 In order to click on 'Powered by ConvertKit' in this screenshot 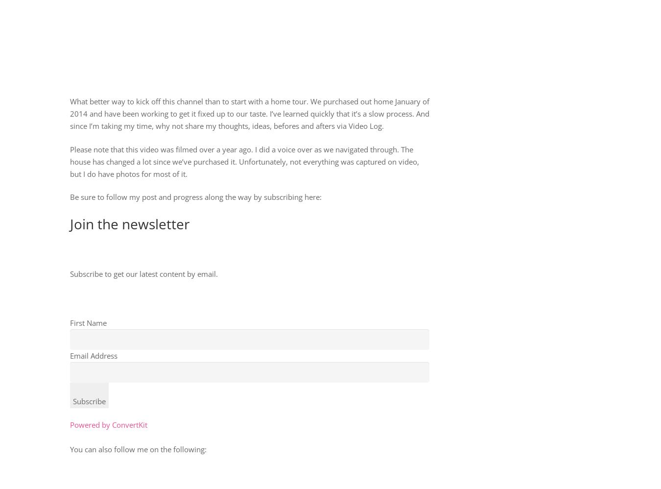, I will do `click(70, 424)`.